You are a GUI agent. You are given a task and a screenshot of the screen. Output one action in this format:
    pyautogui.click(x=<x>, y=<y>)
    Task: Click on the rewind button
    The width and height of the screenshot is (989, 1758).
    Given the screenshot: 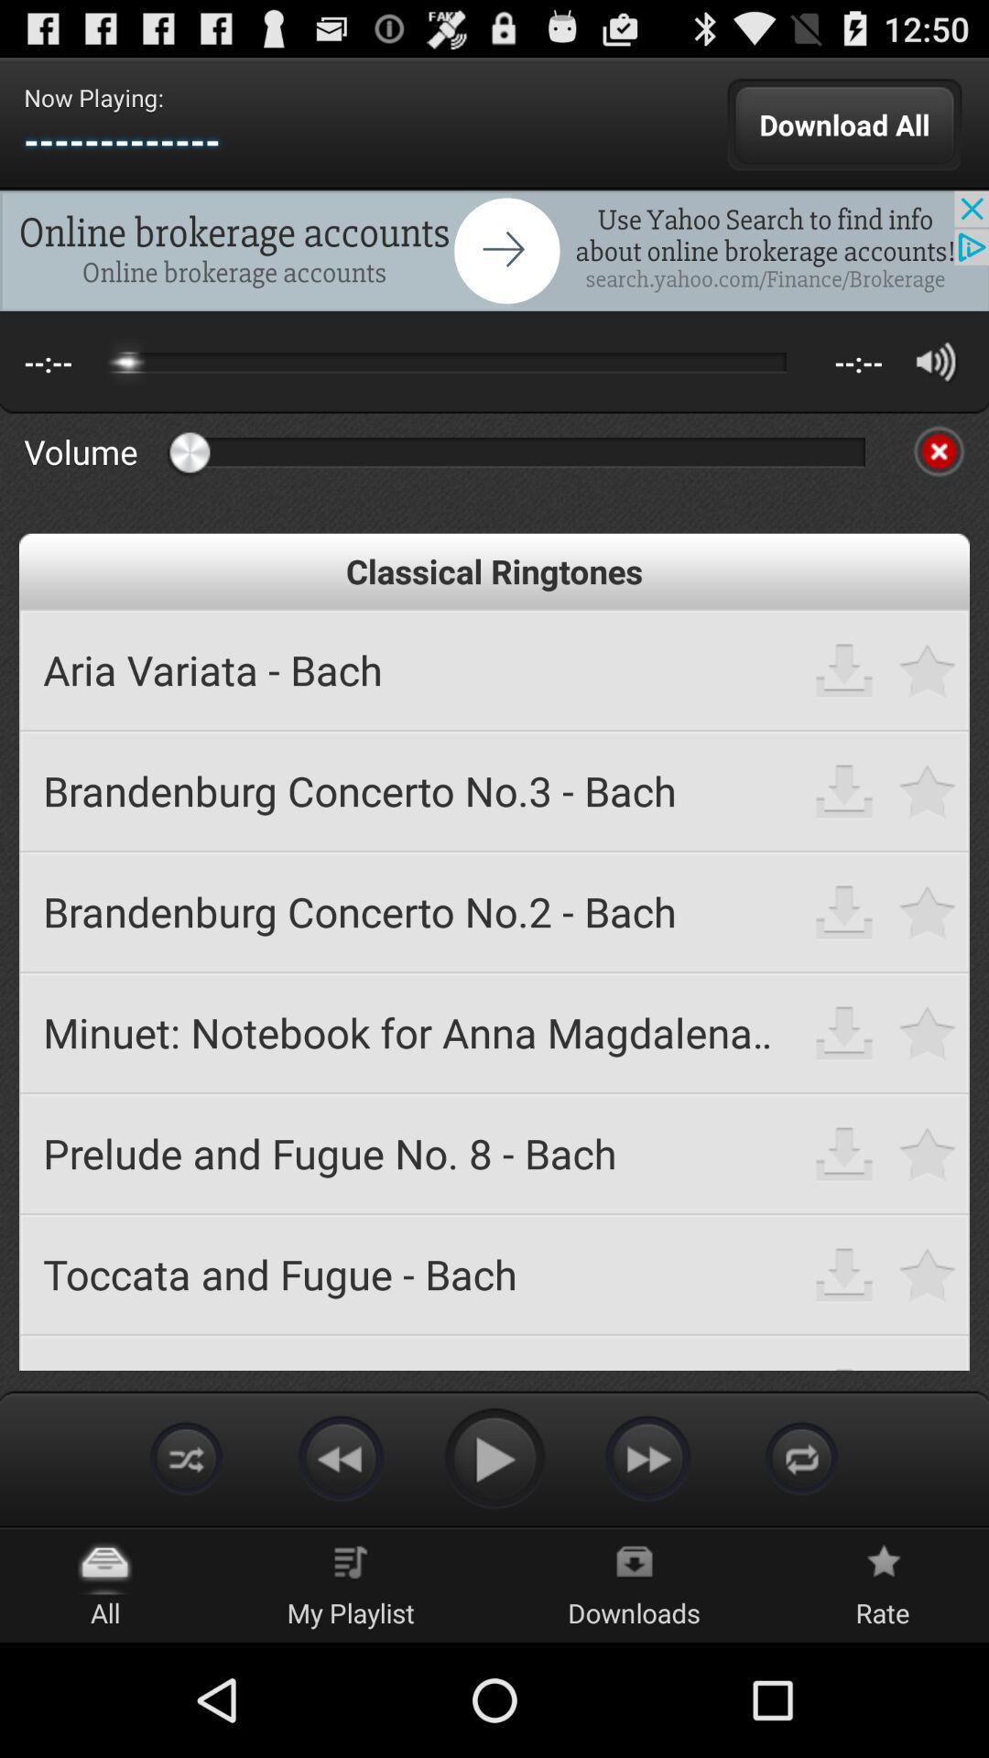 What is the action you would take?
    pyautogui.click(x=340, y=1457)
    